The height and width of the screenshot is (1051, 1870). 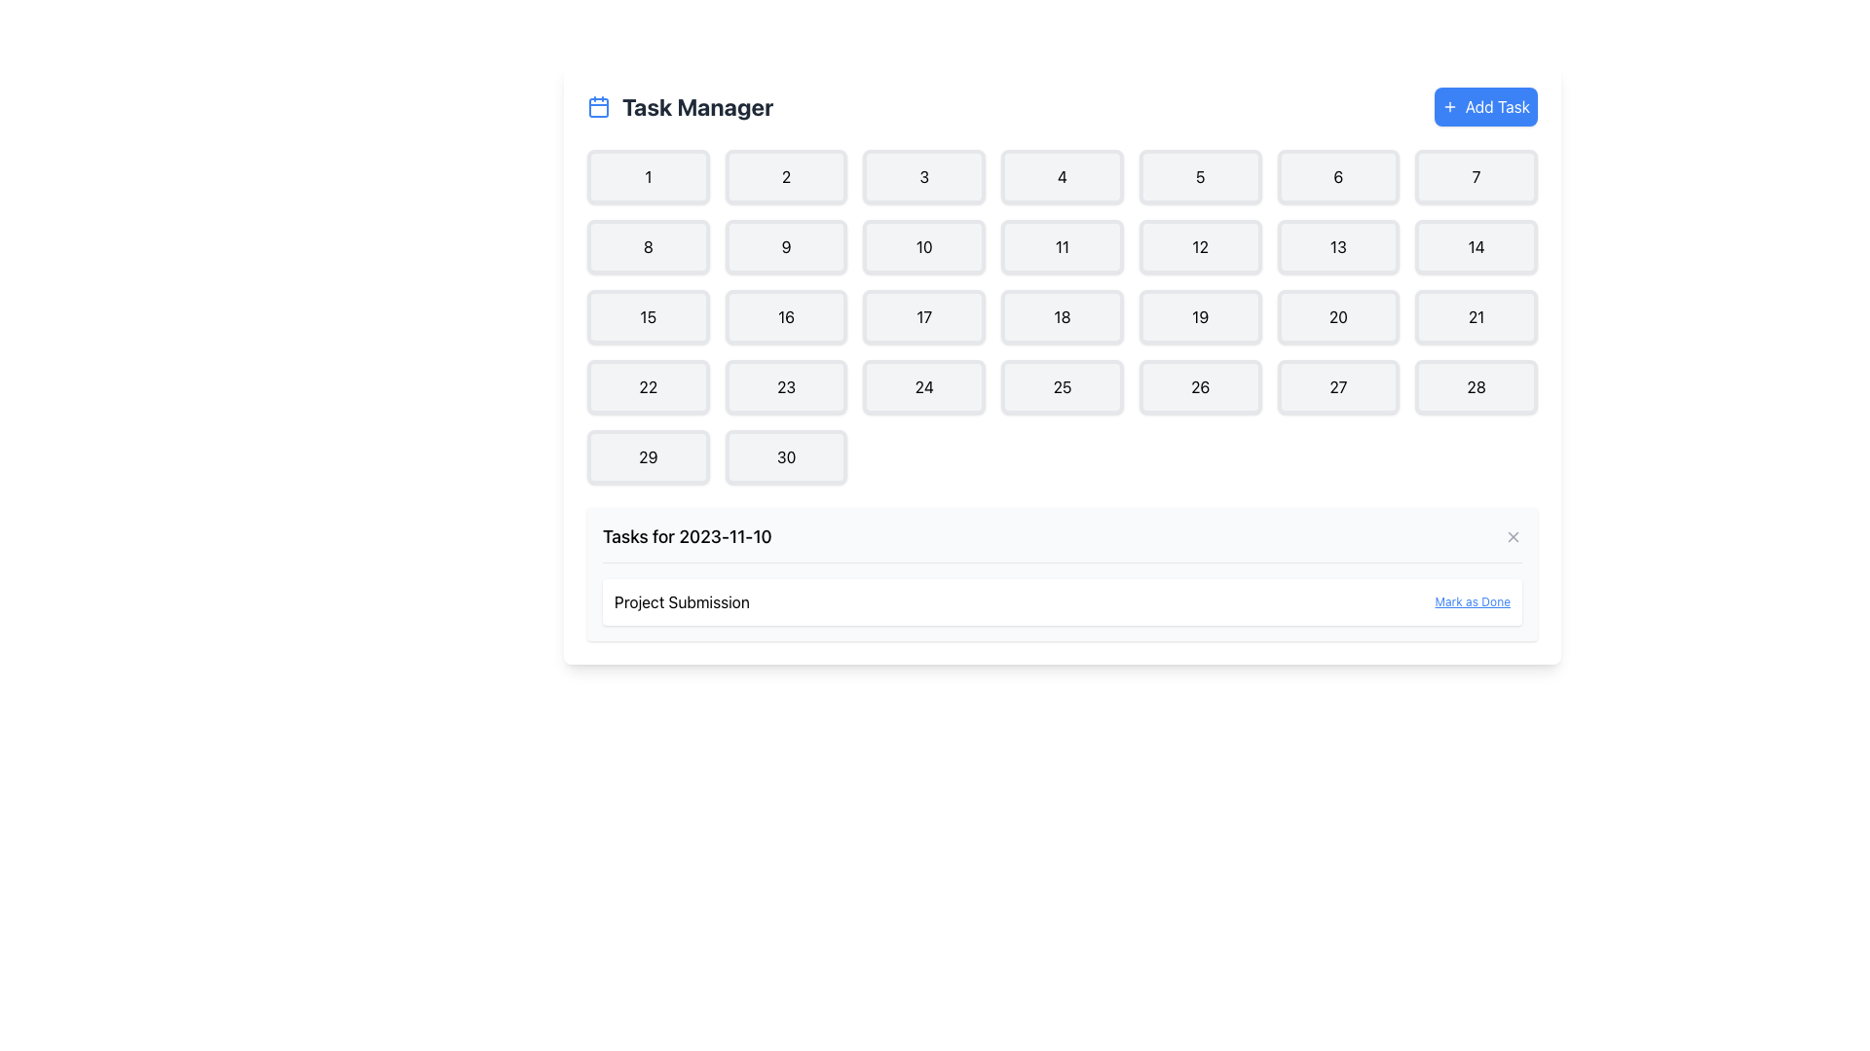 I want to click on the rectangular-shaped button displaying the number '27' in bold, located in the fourth row and sixth column of the calendar grid, so click(x=1337, y=386).